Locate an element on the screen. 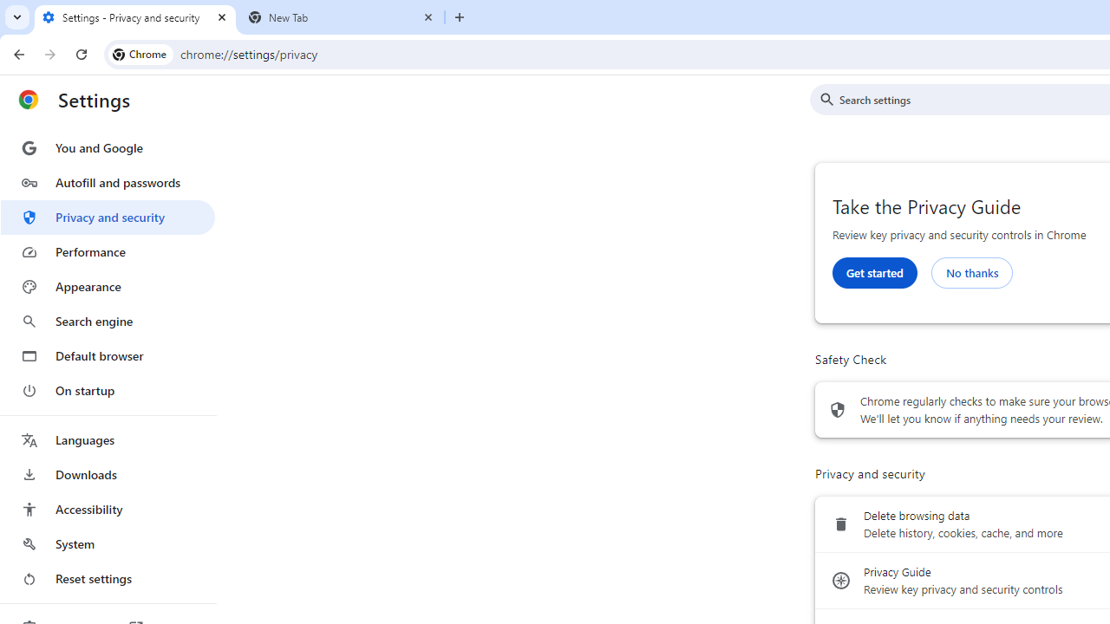 The height and width of the screenshot is (624, 1110). 'No thanks' is located at coordinates (971, 272).